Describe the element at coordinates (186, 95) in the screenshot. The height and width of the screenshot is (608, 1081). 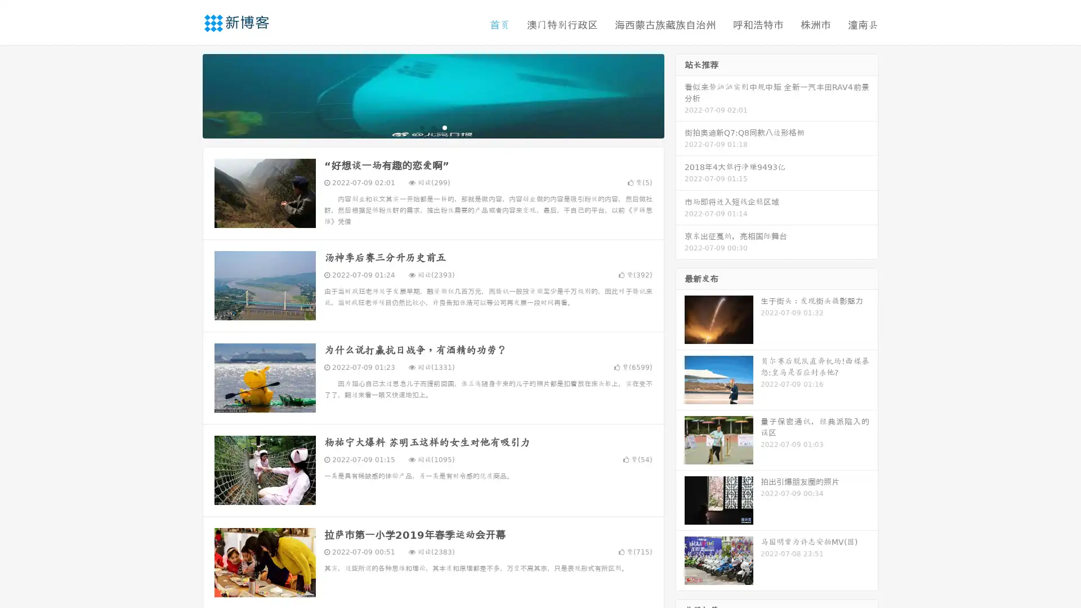
I see `Previous slide` at that location.